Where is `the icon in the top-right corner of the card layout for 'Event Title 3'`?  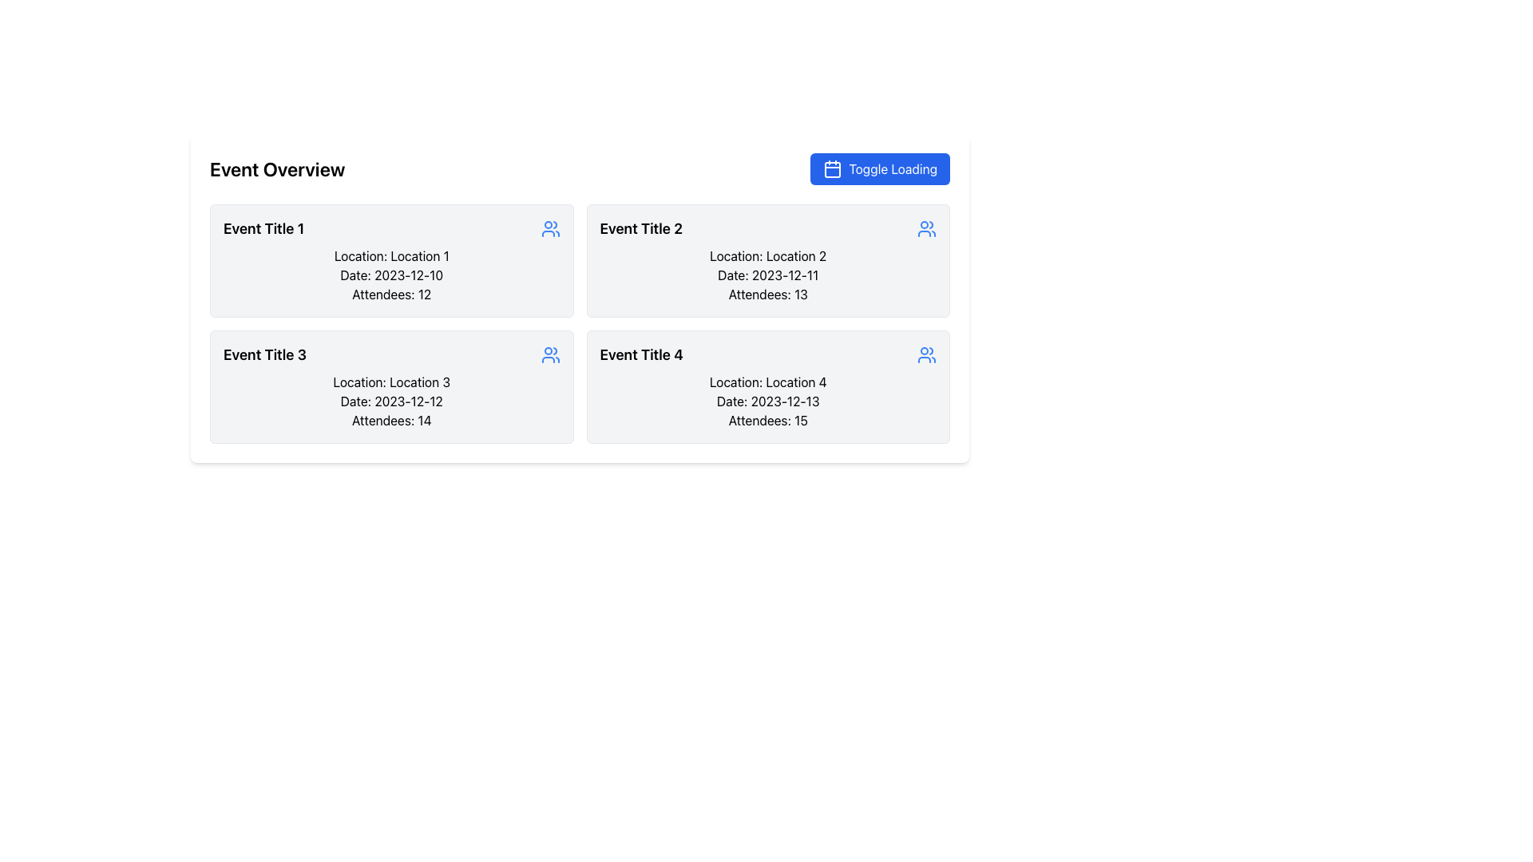 the icon in the top-right corner of the card layout for 'Event Title 3' is located at coordinates (550, 354).